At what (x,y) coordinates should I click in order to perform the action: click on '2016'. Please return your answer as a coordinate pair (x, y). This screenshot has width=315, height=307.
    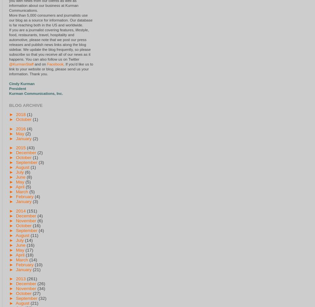
    Looking at the image, I should click on (21, 128).